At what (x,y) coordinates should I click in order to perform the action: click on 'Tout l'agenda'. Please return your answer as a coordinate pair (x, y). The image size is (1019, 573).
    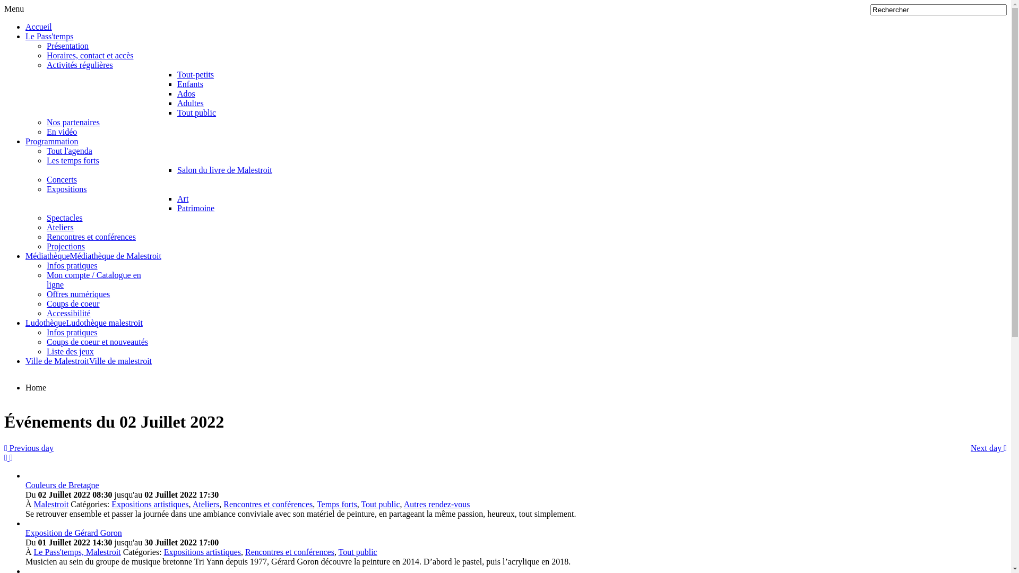
    Looking at the image, I should click on (68, 151).